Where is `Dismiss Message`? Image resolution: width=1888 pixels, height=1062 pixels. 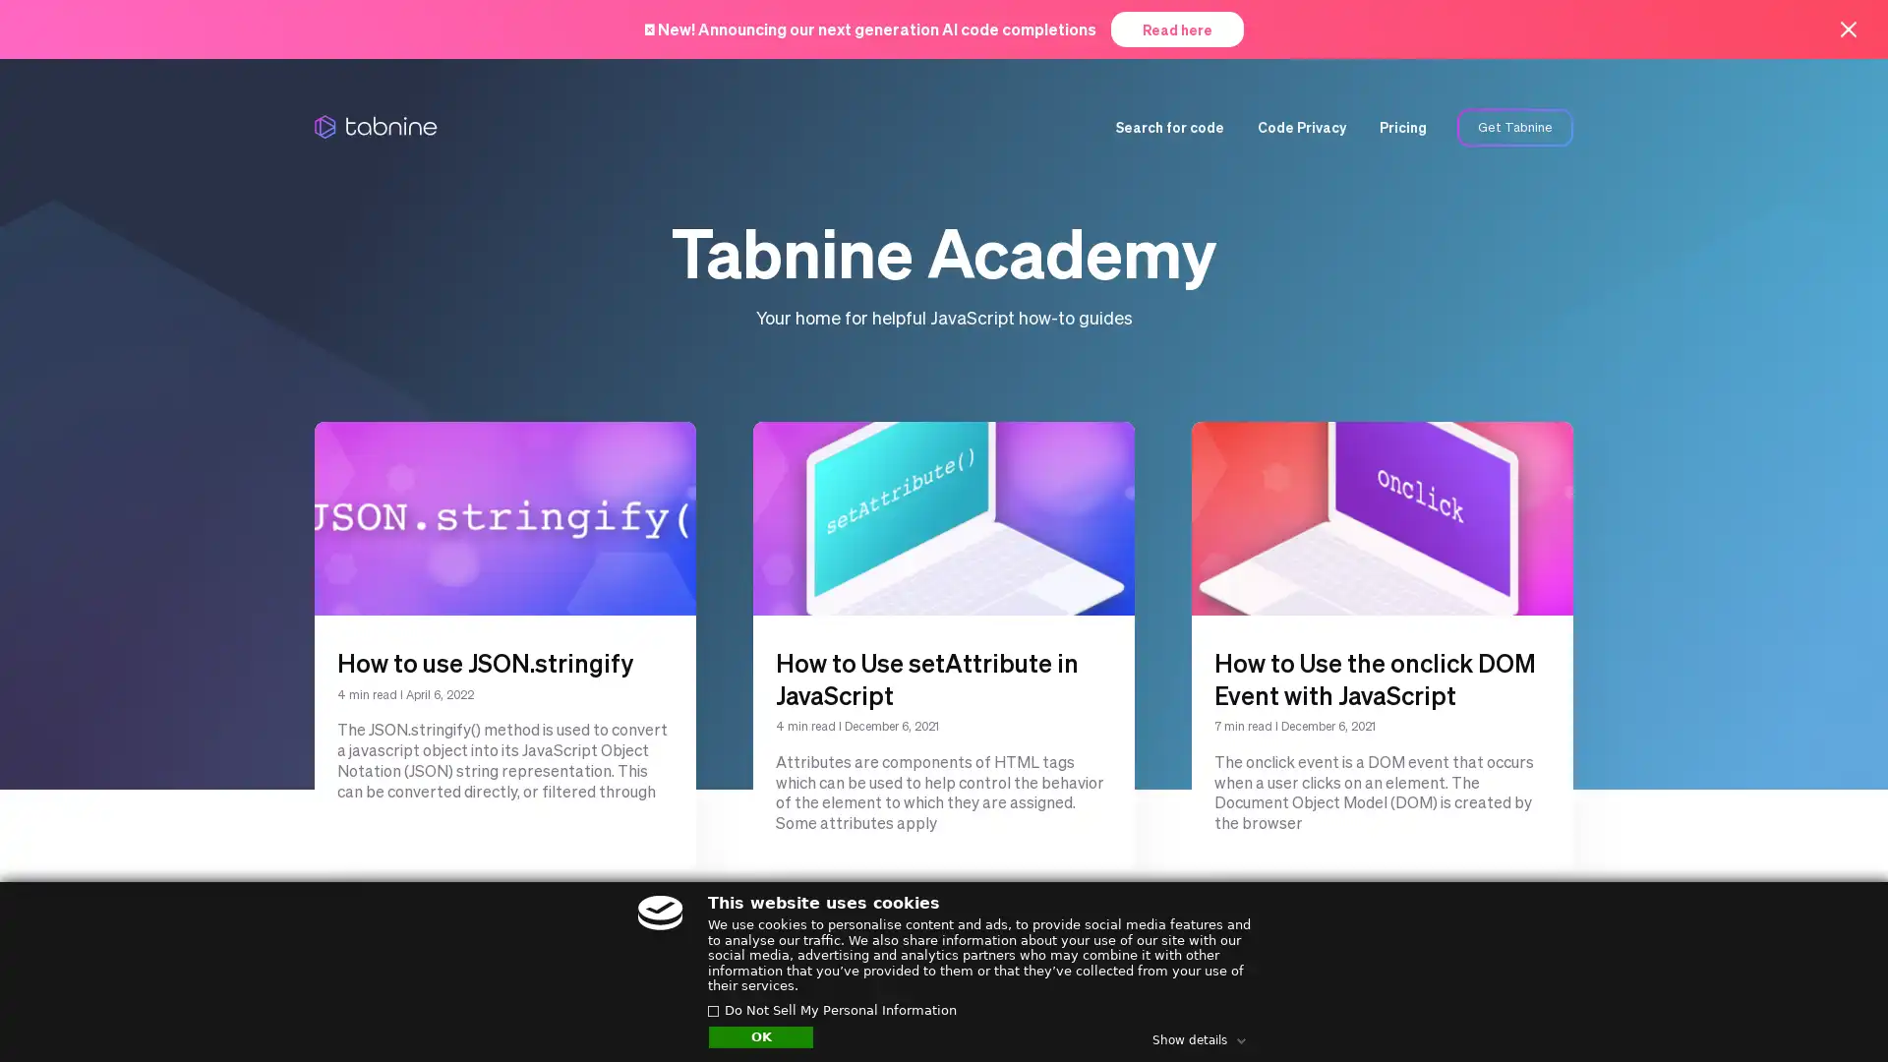
Dismiss Message is located at coordinates (1785, 986).